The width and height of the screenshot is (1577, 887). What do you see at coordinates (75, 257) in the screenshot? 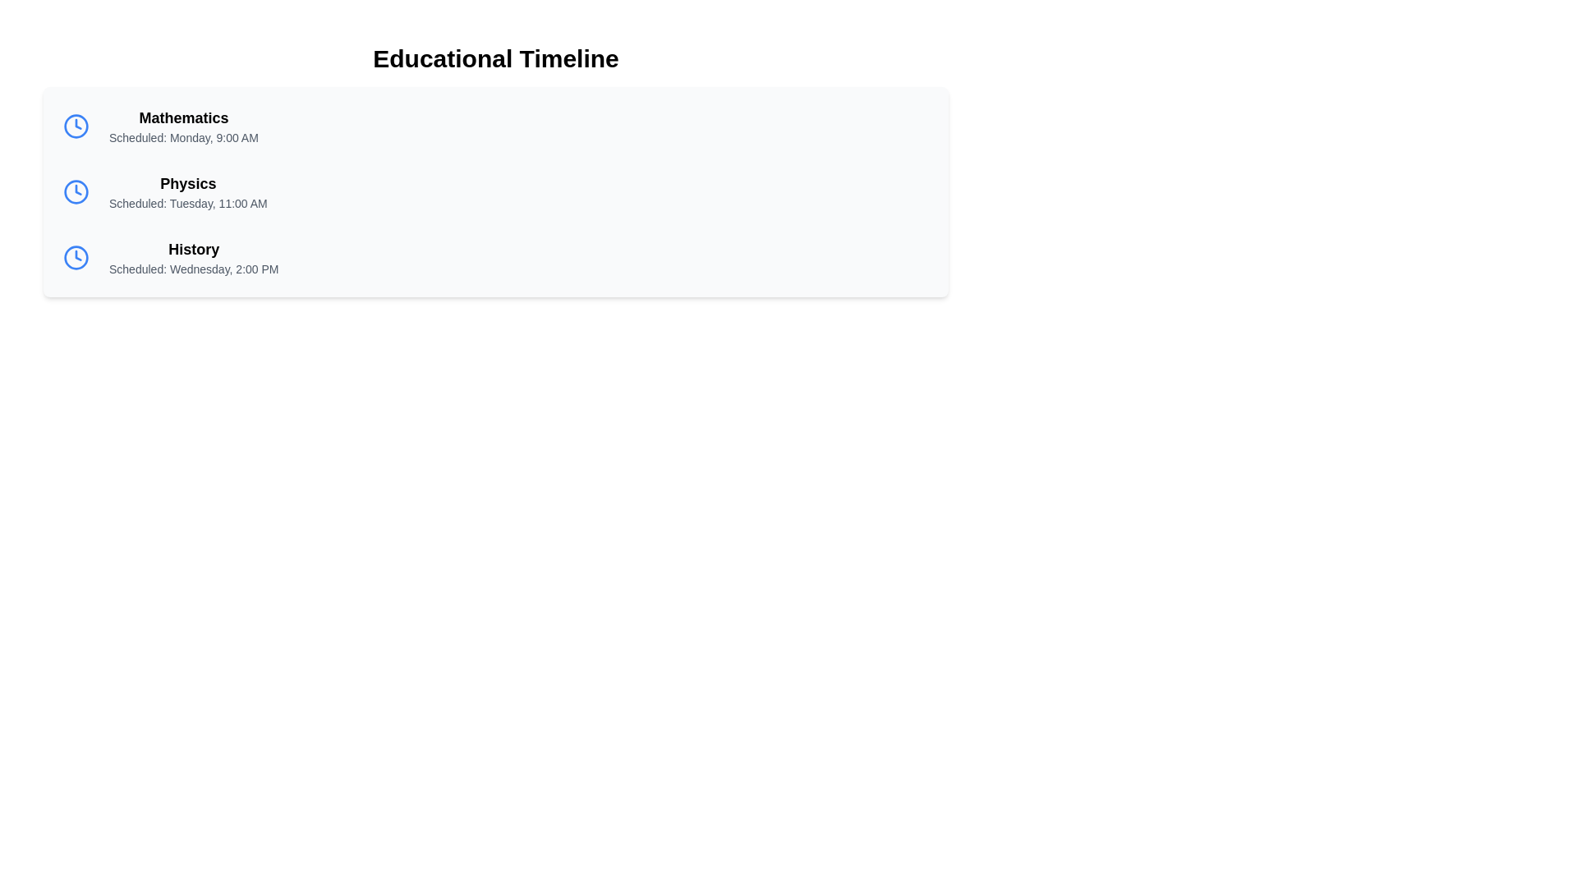
I see `the clock icon representing the 'History' event in the 'Educational Timeline' list, which is the third icon among three similar icons aligned vertically` at bounding box center [75, 257].